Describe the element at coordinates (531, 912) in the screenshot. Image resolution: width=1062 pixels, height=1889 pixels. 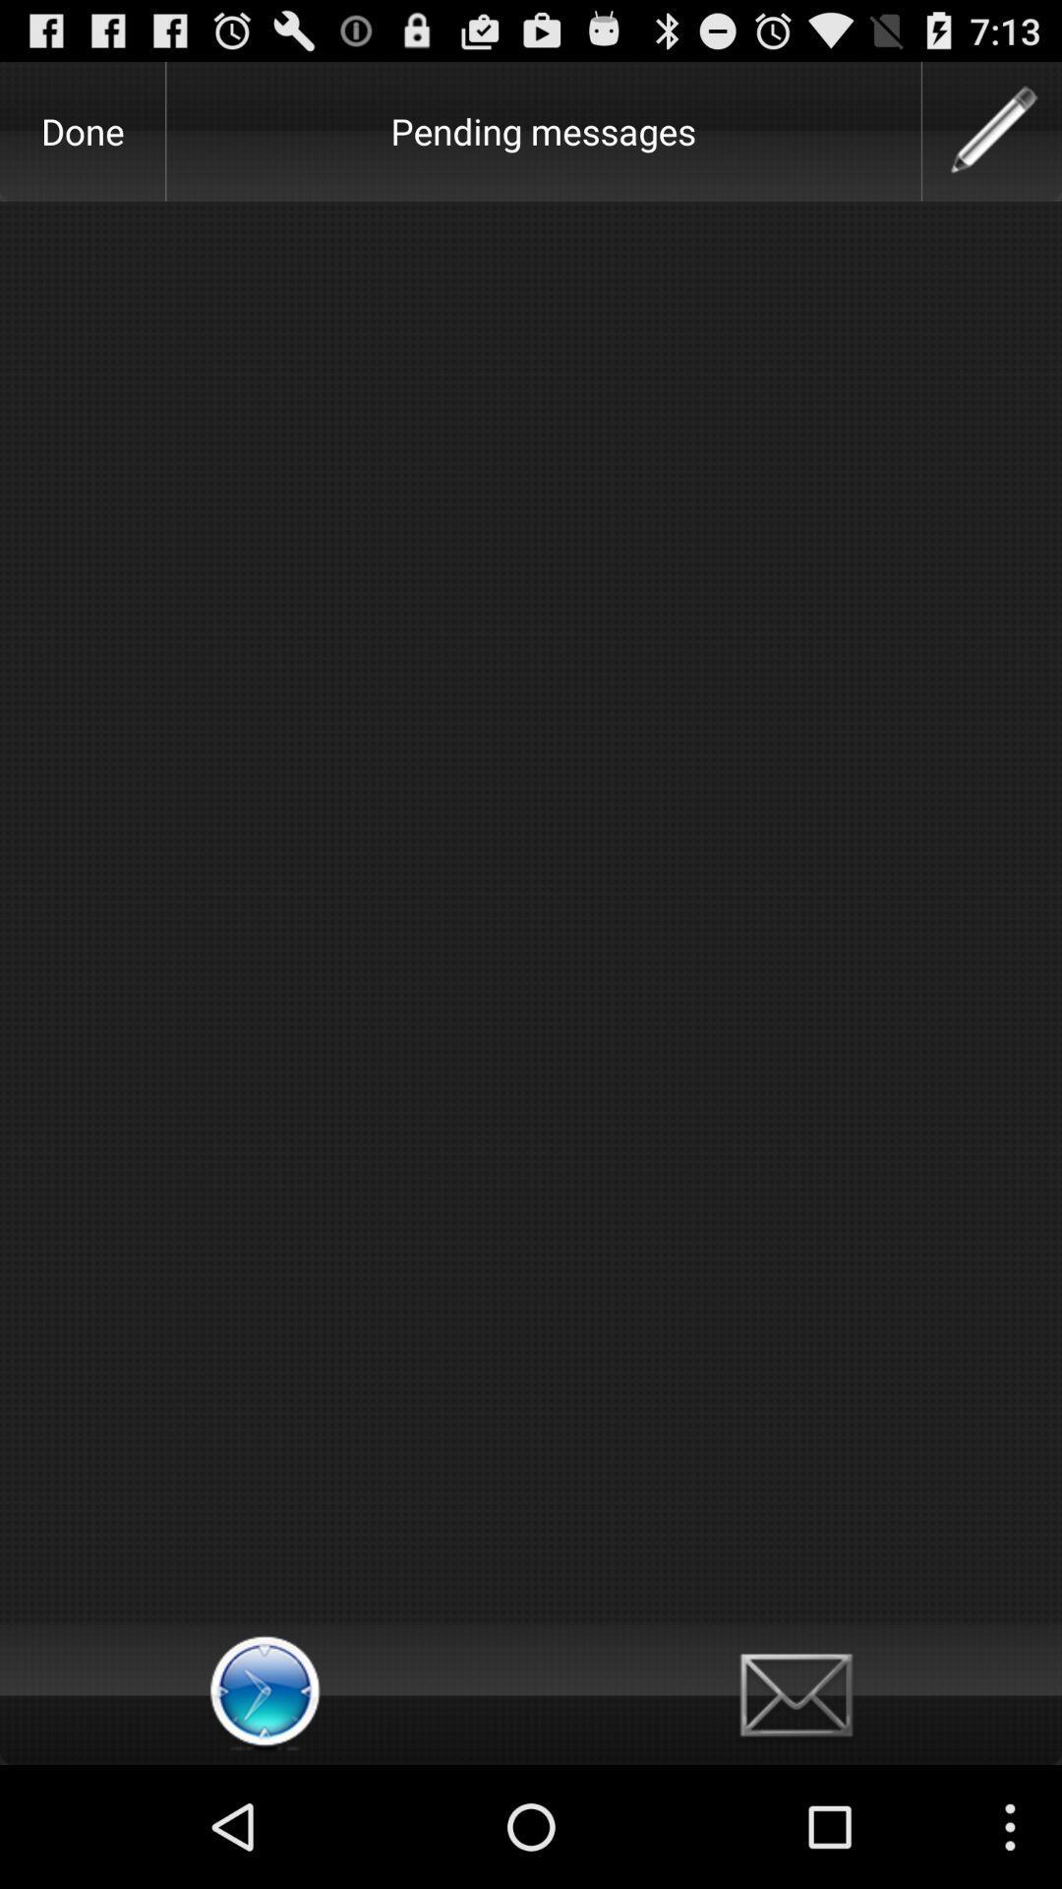
I see `the item below the done icon` at that location.